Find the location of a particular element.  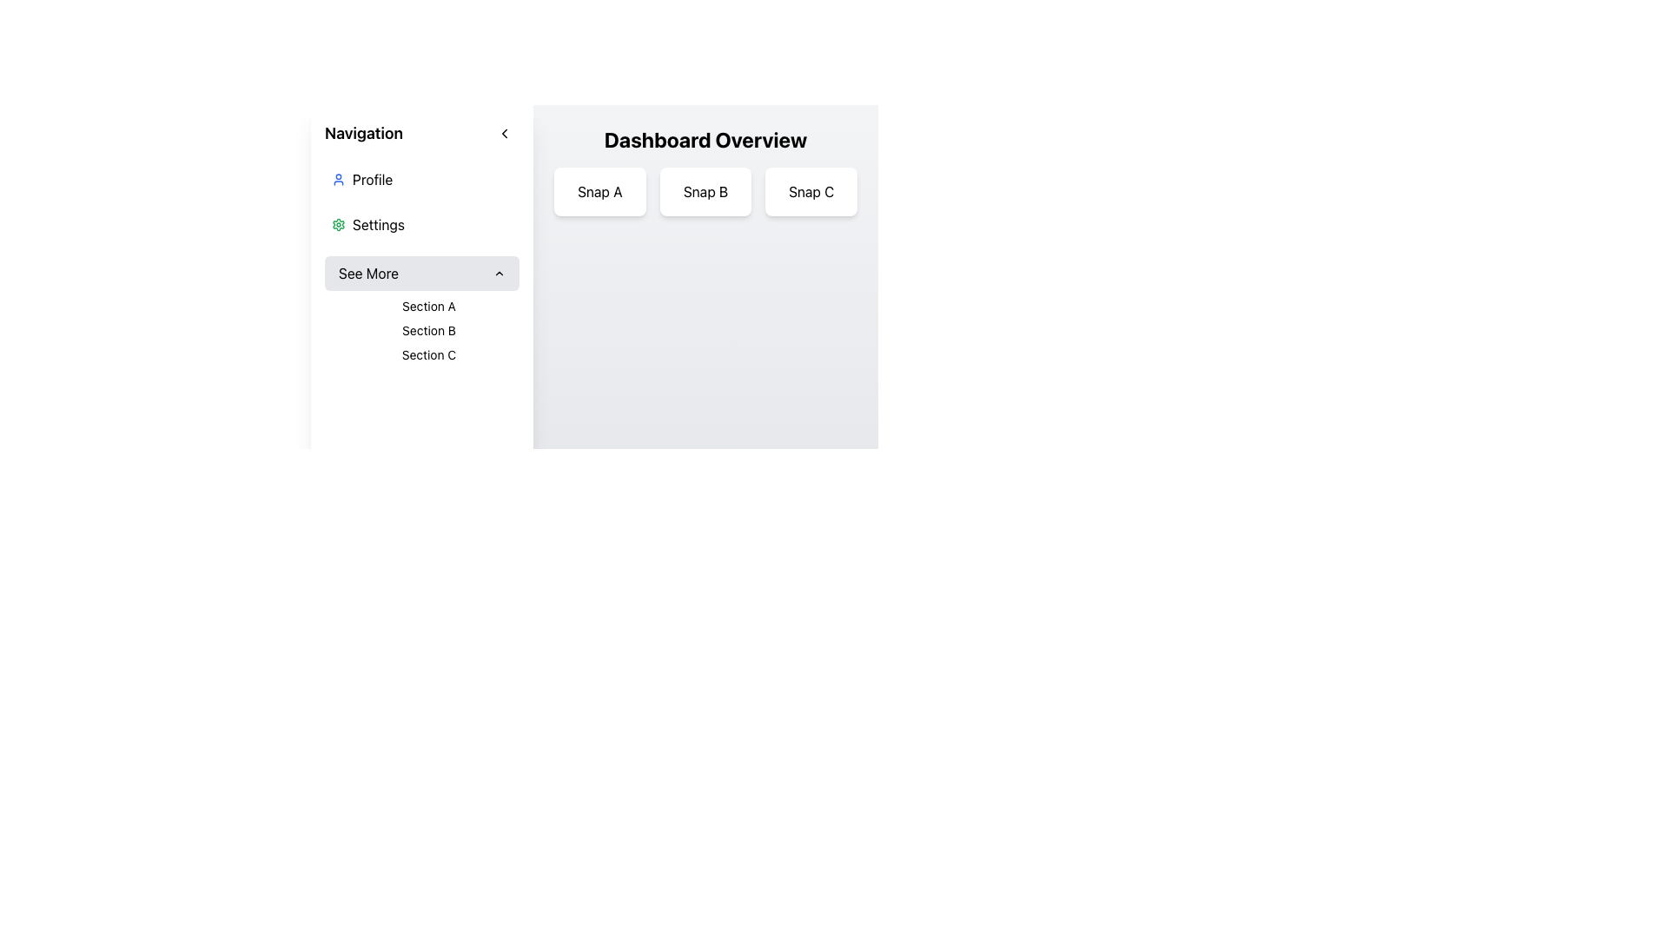

the text label displaying 'Section A' in the sidebar navigation menu, which is the first item in a list of sections under the 'See More' dropdown is located at coordinates (429, 306).